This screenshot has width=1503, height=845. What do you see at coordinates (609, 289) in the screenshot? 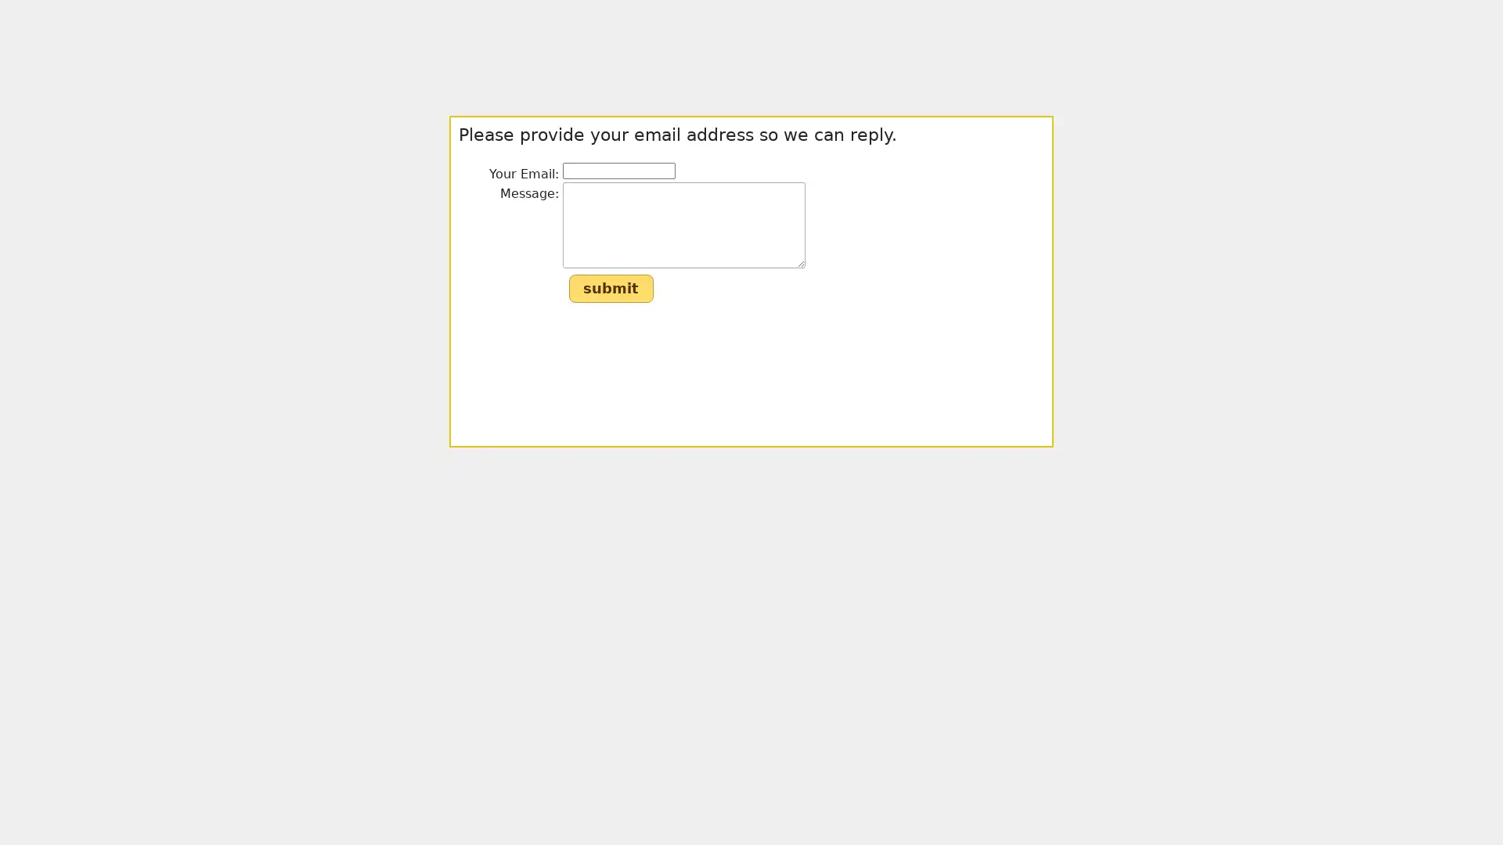
I see `submit` at bounding box center [609, 289].